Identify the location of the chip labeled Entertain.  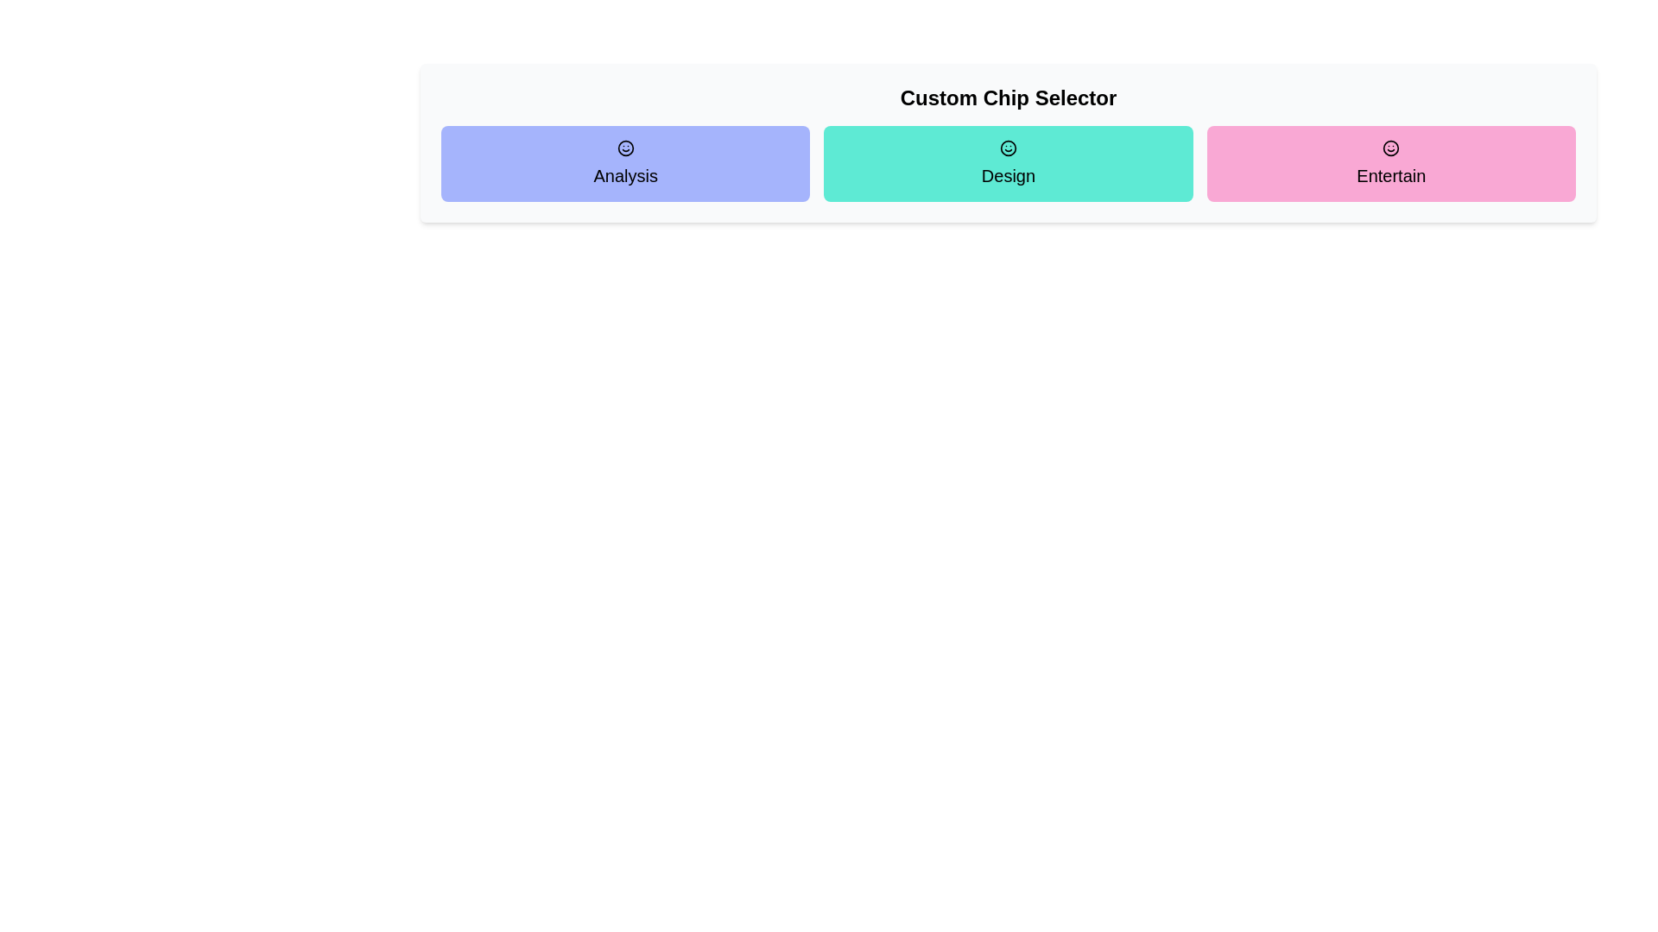
(1391, 163).